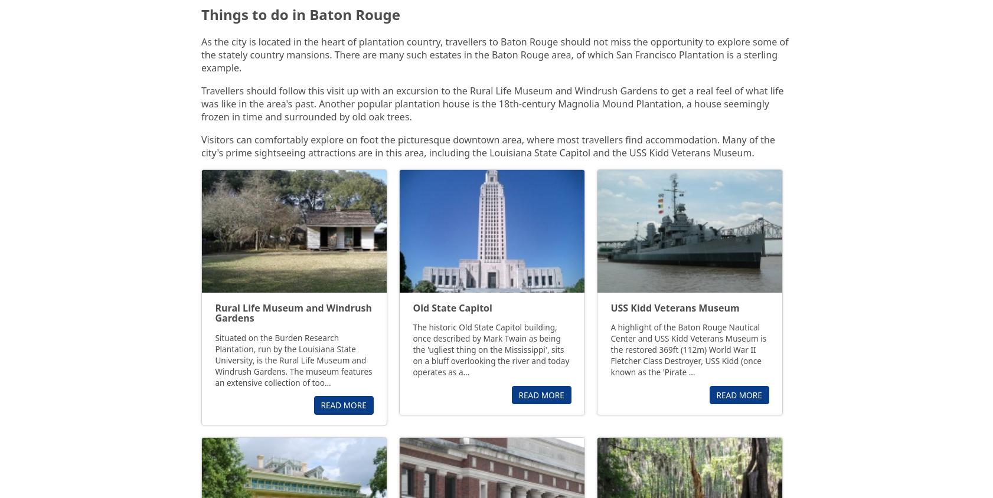  What do you see at coordinates (492, 103) in the screenshot?
I see `'Travellers should follow this visit up with an
excursion to the Rural Life Museum and Windrush Gardens to get a
real feel of what life was like in the area's past. Another popular
plantation house is the 18th-century Magnolia Mound Plantation, a
house seemingly frozen in time and surrounded by old oak trees.'` at bounding box center [492, 103].